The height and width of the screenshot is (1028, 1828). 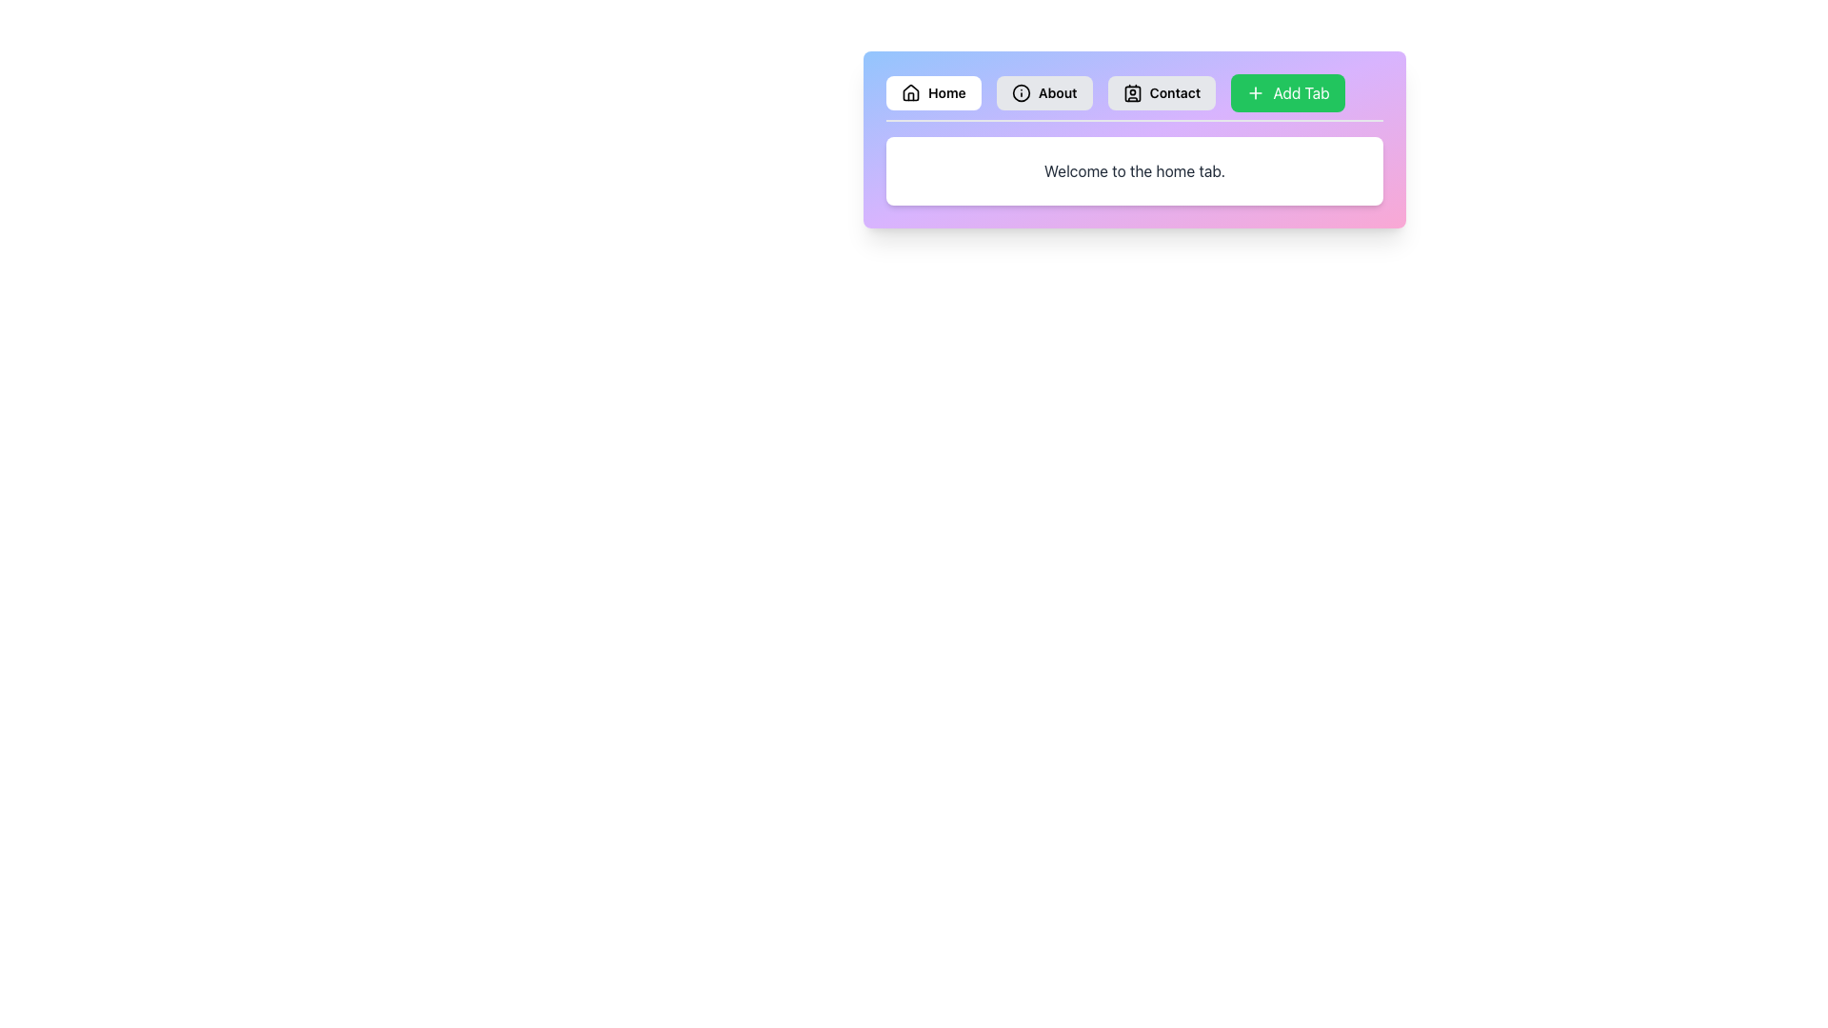 I want to click on the 'Add Tab' button, so click(x=1288, y=92).